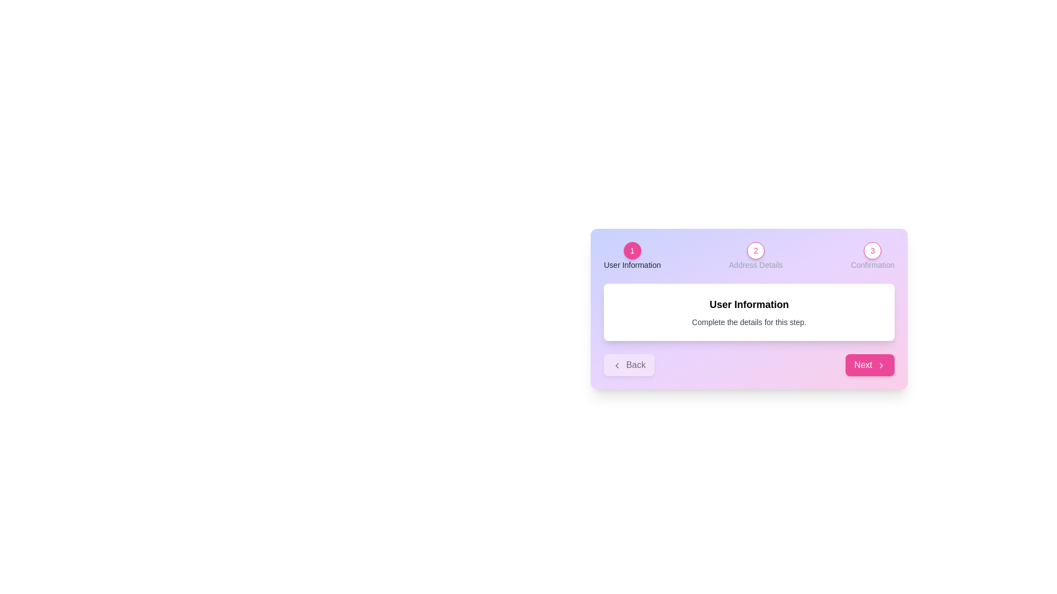  I want to click on the 'Next' button to navigate to the next step, so click(869, 365).